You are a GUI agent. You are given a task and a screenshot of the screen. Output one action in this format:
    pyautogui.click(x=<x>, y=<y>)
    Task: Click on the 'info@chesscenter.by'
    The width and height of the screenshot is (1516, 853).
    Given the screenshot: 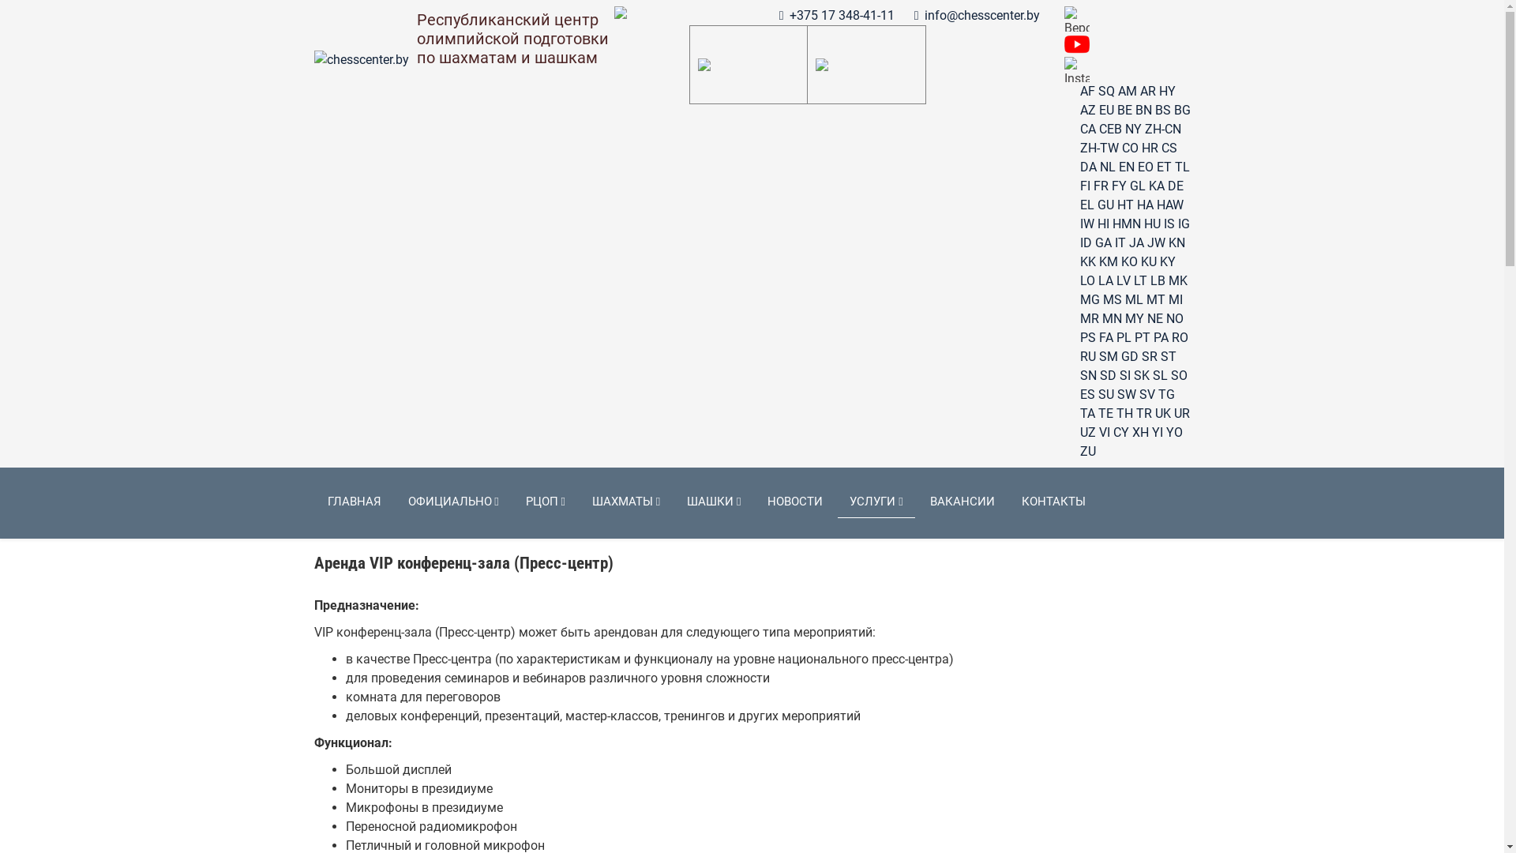 What is the action you would take?
    pyautogui.click(x=981, y=15)
    